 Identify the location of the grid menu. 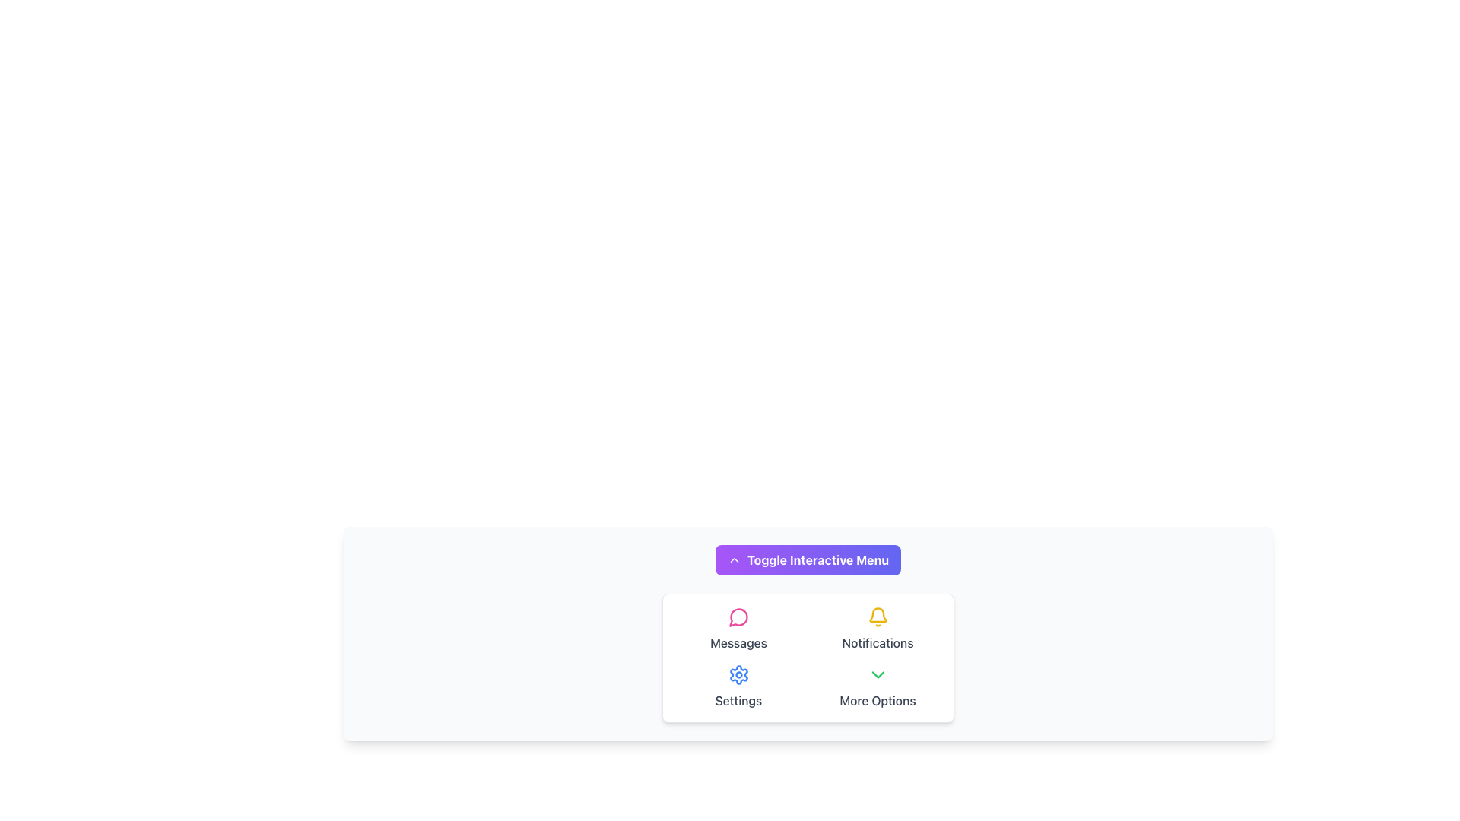
(807, 658).